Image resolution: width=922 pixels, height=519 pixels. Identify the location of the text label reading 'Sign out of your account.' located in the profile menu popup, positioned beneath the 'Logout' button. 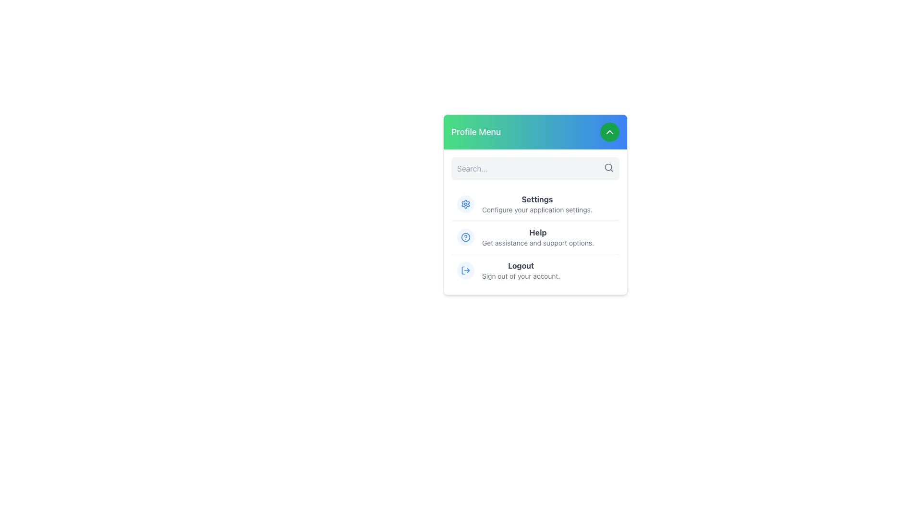
(521, 276).